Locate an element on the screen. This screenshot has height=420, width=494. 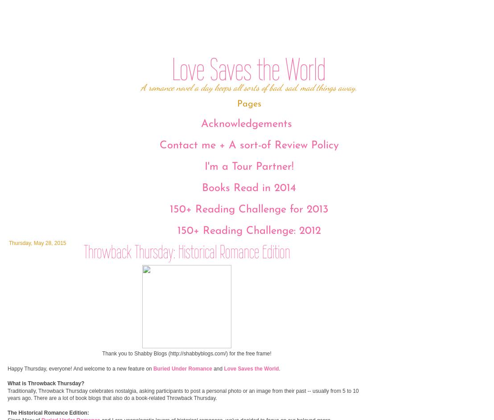
'Buried Under Romance' is located at coordinates (182, 368).